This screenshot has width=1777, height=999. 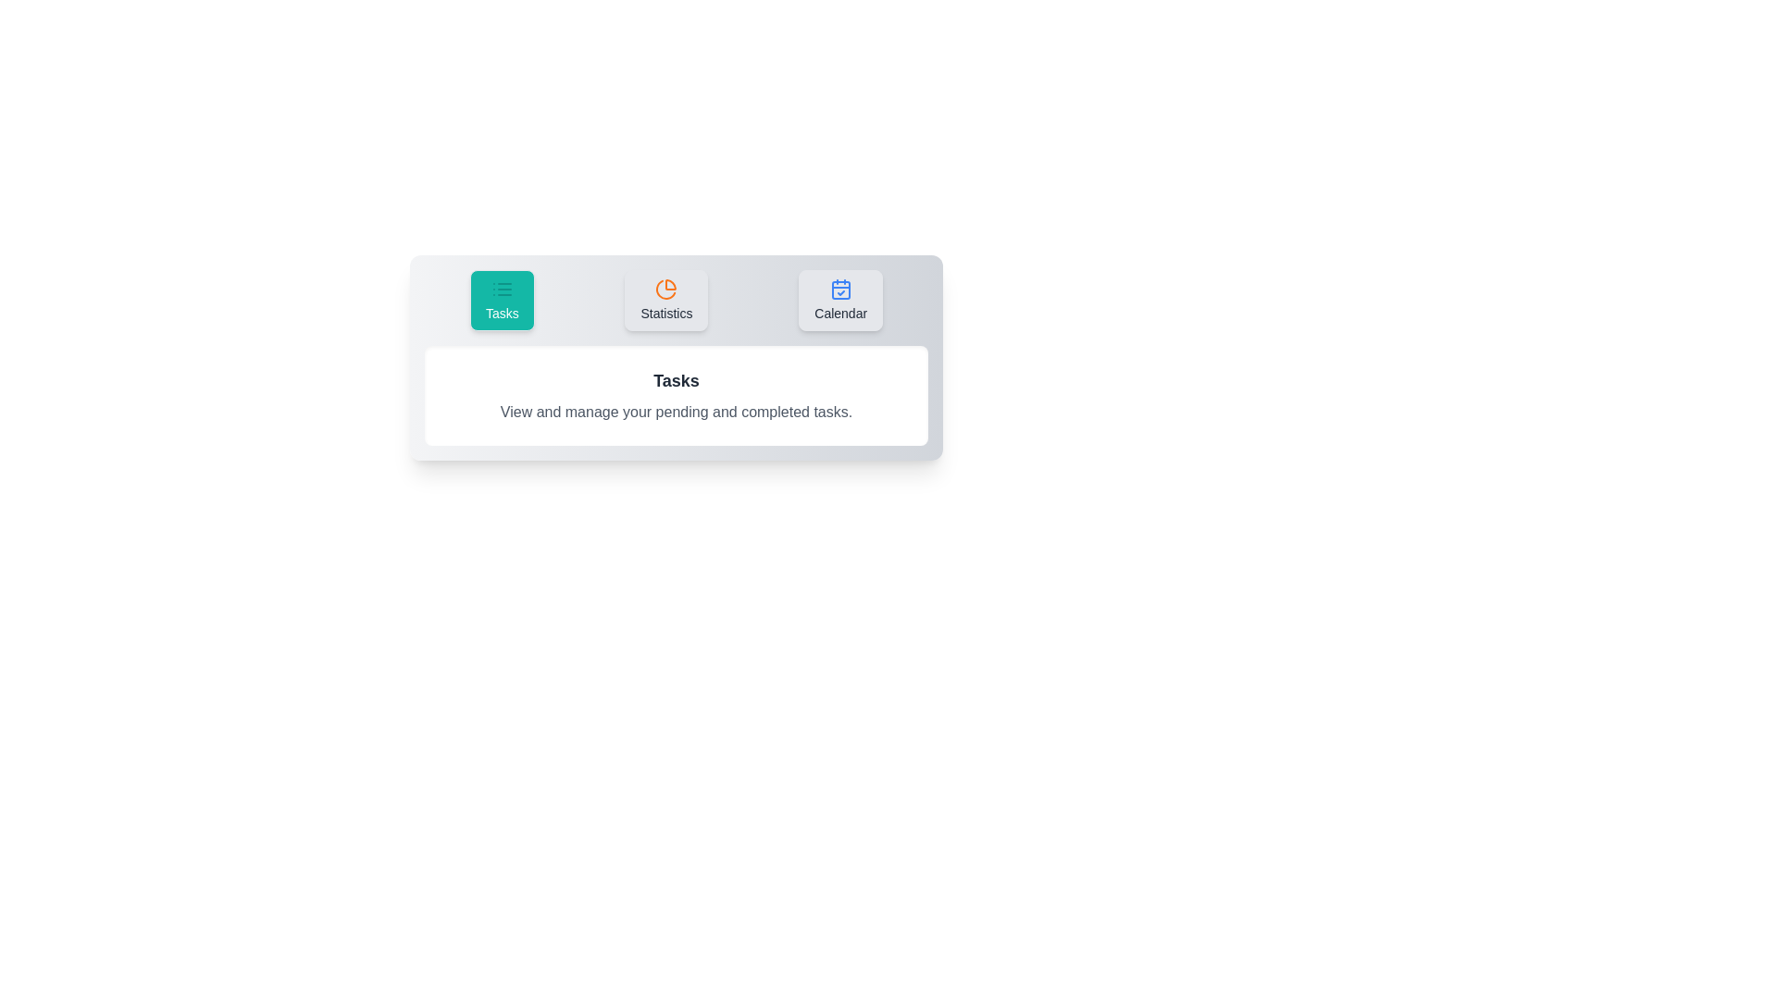 I want to click on the Tasks tab to view its content, so click(x=502, y=299).